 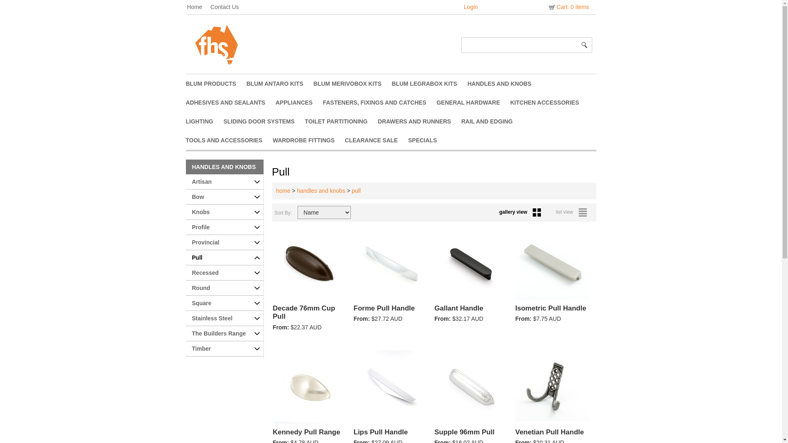 I want to click on 'pull', so click(x=356, y=191).